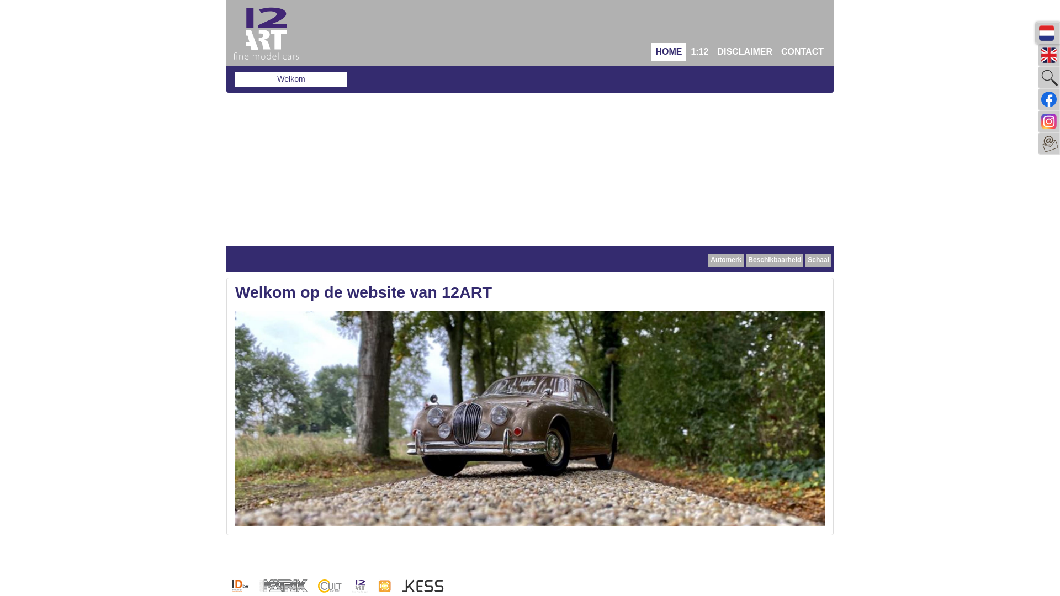 This screenshot has width=1060, height=596. Describe the element at coordinates (744, 51) in the screenshot. I see `'DISCLAIMER'` at that location.